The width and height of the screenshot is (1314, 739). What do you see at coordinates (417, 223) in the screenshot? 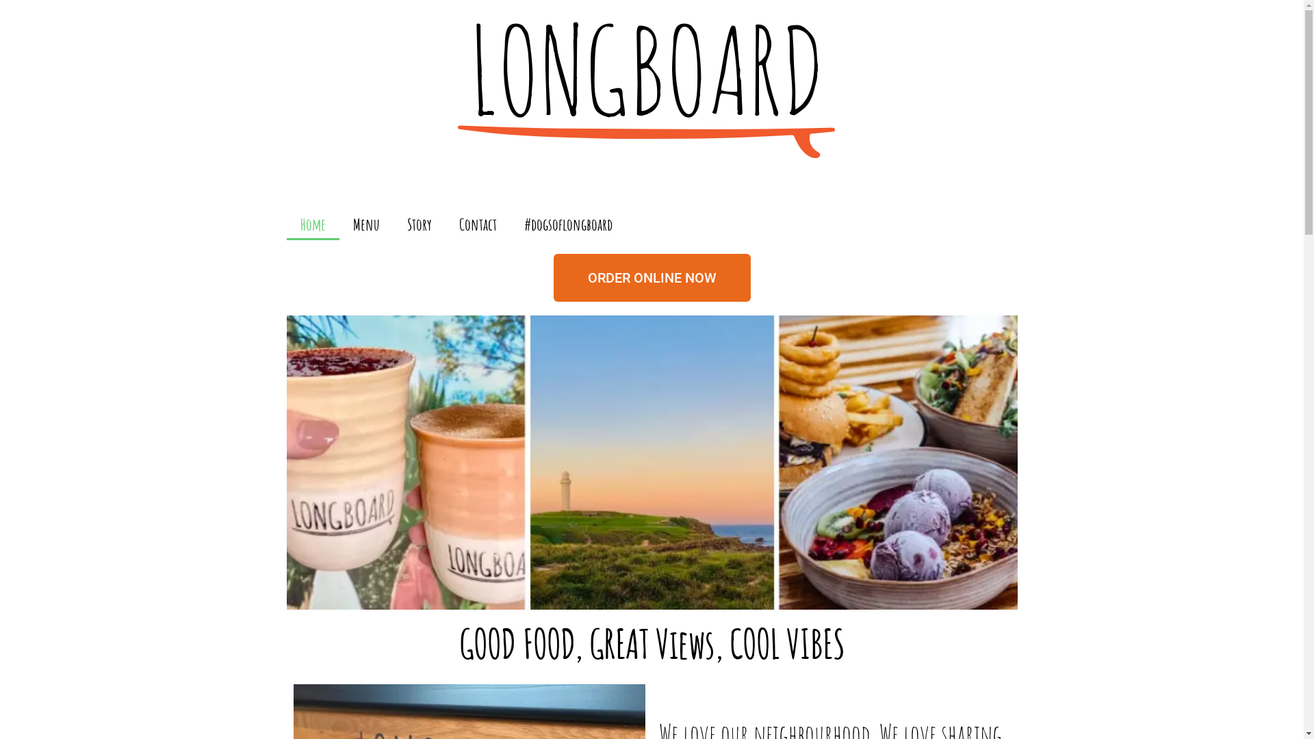
I see `'Story'` at bounding box center [417, 223].